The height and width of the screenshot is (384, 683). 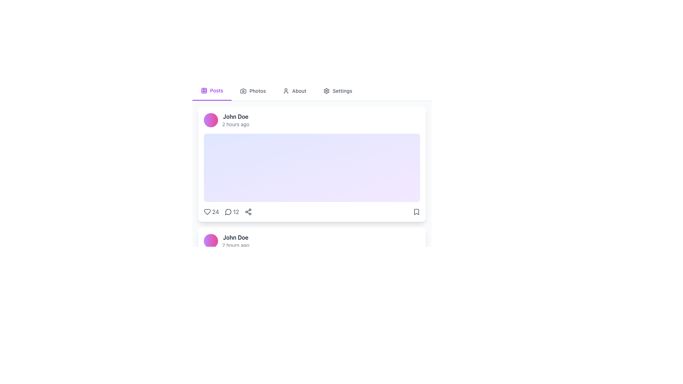 I want to click on the heart-shaped like button located at the bottom-left corner of the post to express approval for the post, so click(x=207, y=212).